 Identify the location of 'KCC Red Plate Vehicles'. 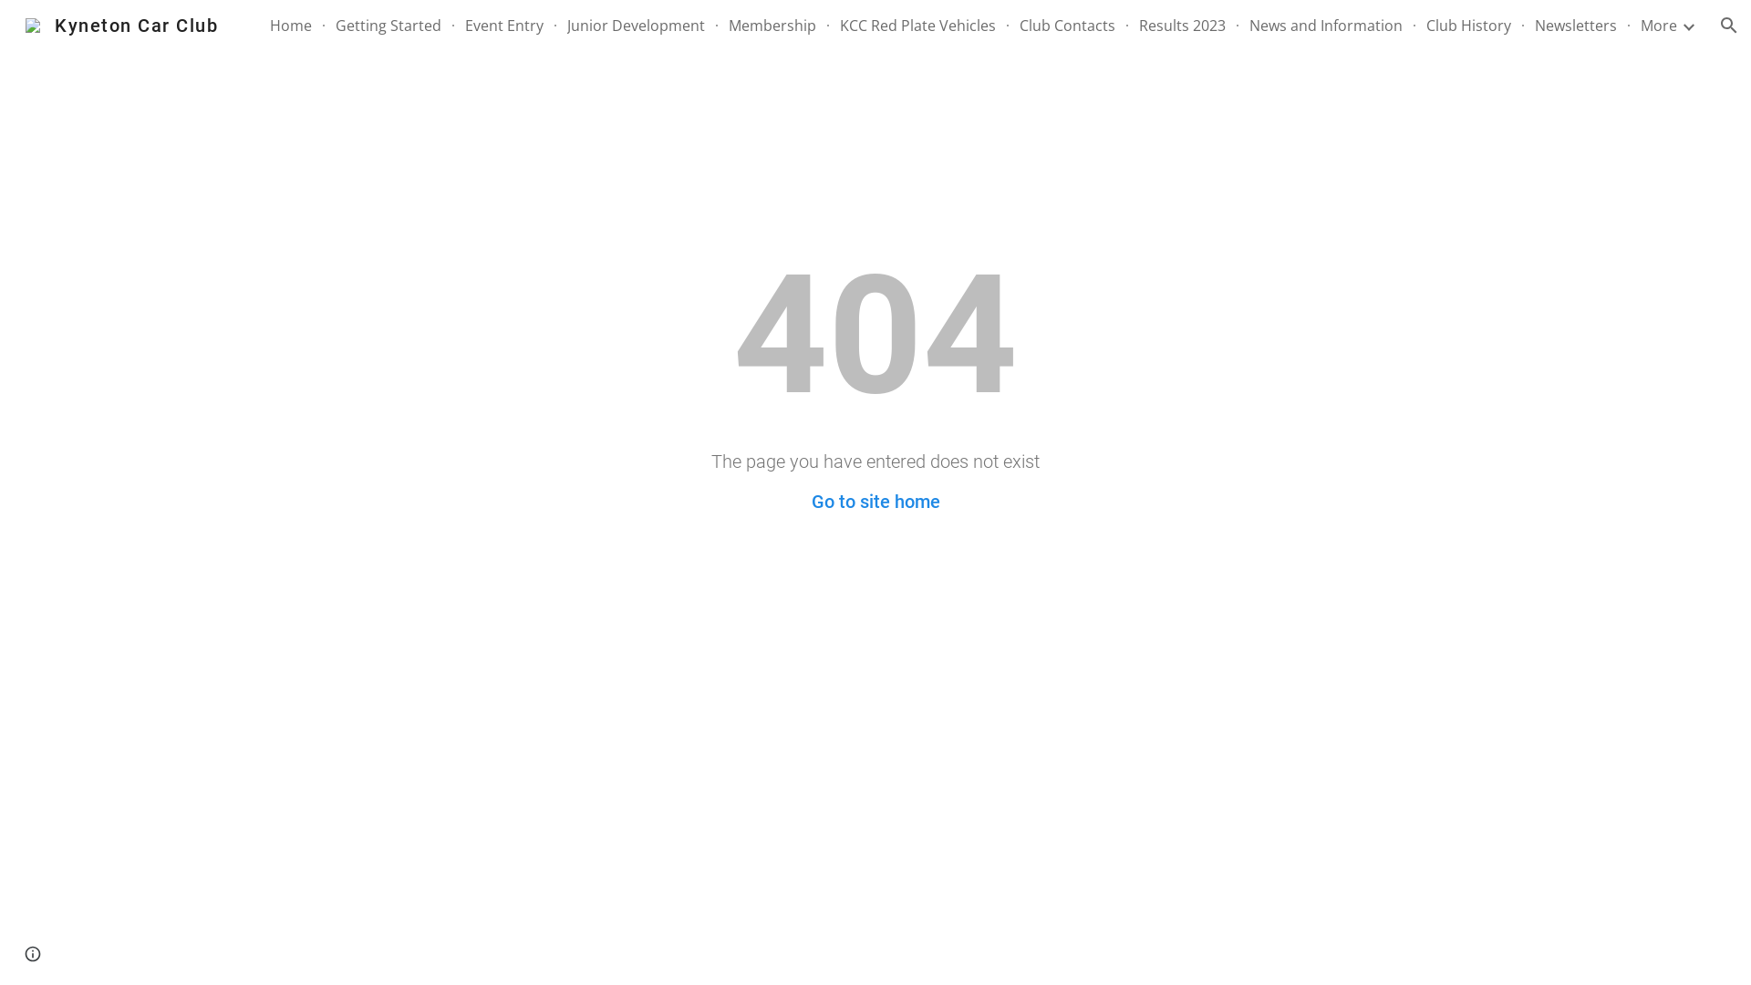
(917, 25).